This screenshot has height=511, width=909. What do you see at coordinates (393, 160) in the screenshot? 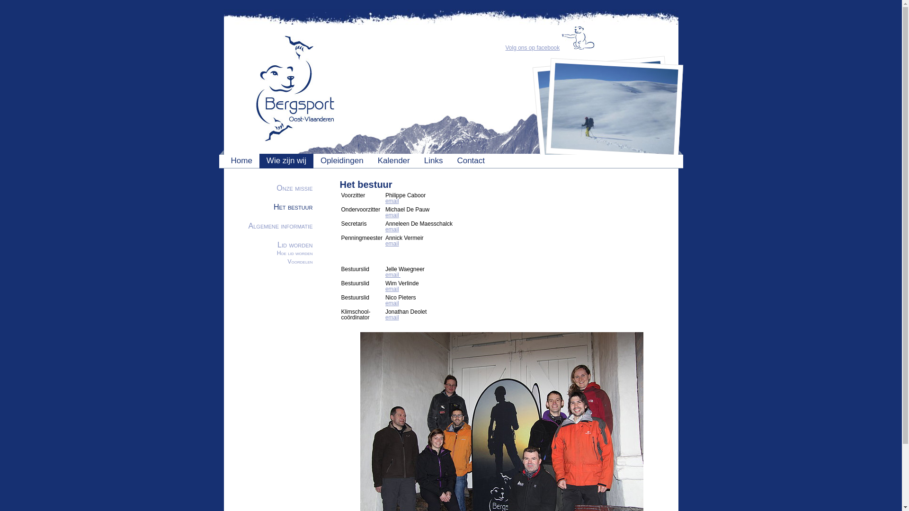
I see `'Kalender'` at bounding box center [393, 160].